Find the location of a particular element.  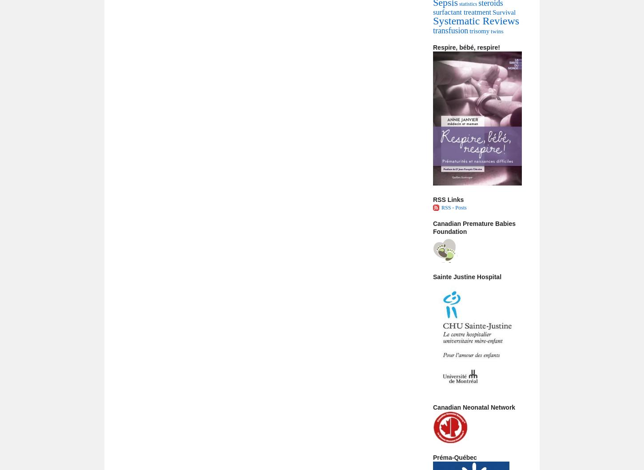

'Canadian Premature Babies Foundation' is located at coordinates (474, 227).